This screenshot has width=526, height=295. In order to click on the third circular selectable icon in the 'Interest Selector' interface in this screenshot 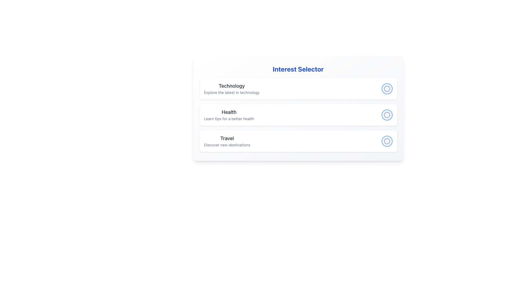, I will do `click(387, 141)`.